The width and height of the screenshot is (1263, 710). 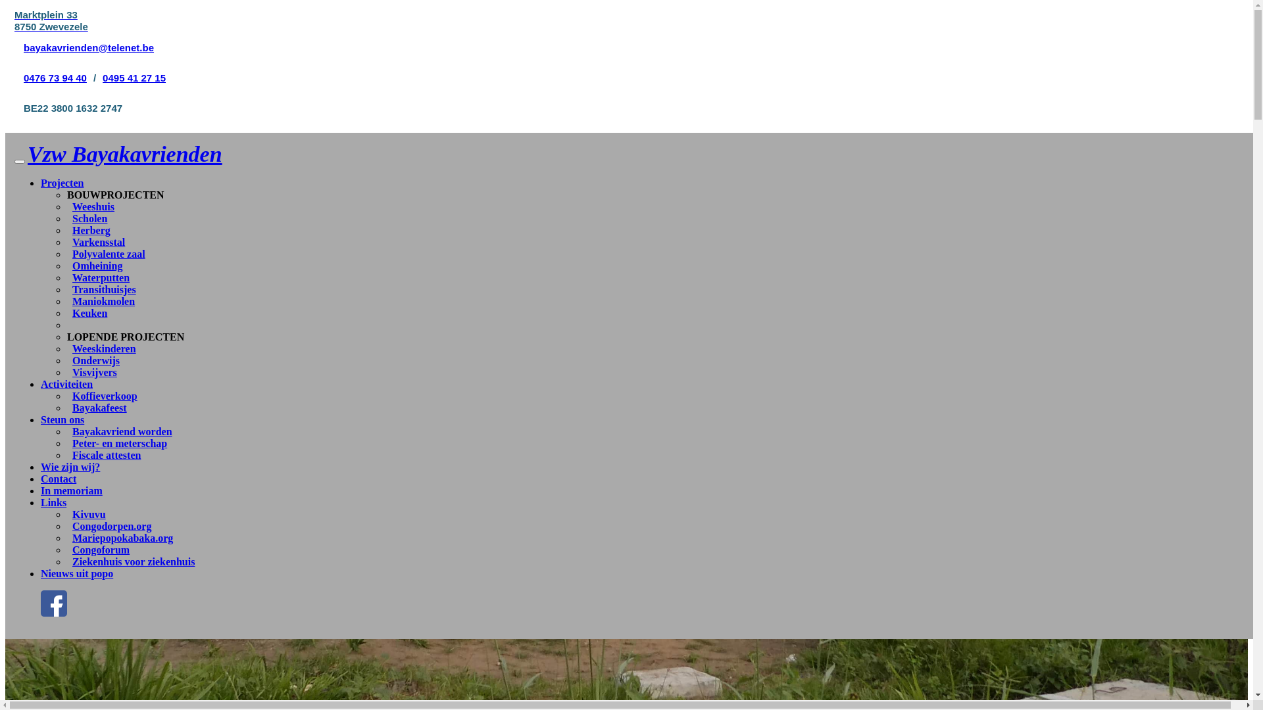 What do you see at coordinates (96, 407) in the screenshot?
I see `'Bayakafeest'` at bounding box center [96, 407].